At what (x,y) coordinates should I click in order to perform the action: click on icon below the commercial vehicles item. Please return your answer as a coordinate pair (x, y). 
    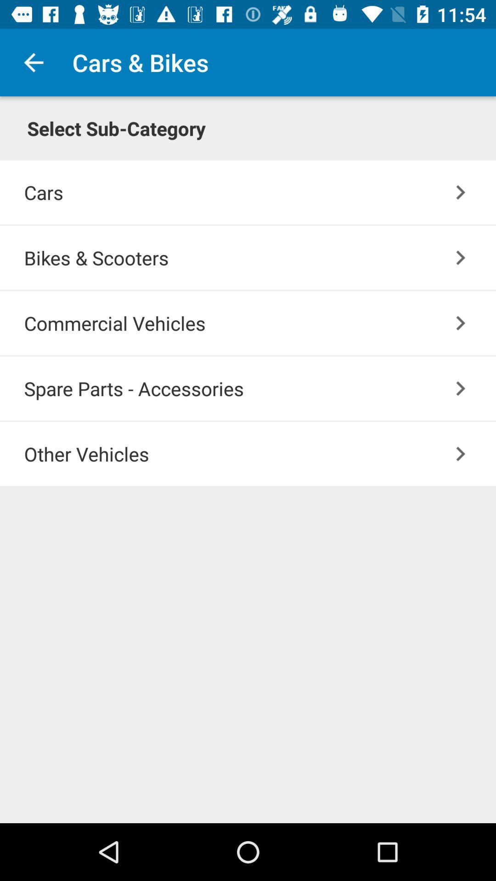
    Looking at the image, I should click on (260, 388).